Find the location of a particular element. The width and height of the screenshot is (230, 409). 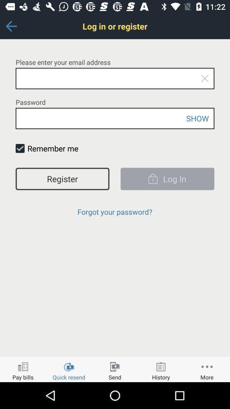

the forgot your password? icon is located at coordinates (115, 211).